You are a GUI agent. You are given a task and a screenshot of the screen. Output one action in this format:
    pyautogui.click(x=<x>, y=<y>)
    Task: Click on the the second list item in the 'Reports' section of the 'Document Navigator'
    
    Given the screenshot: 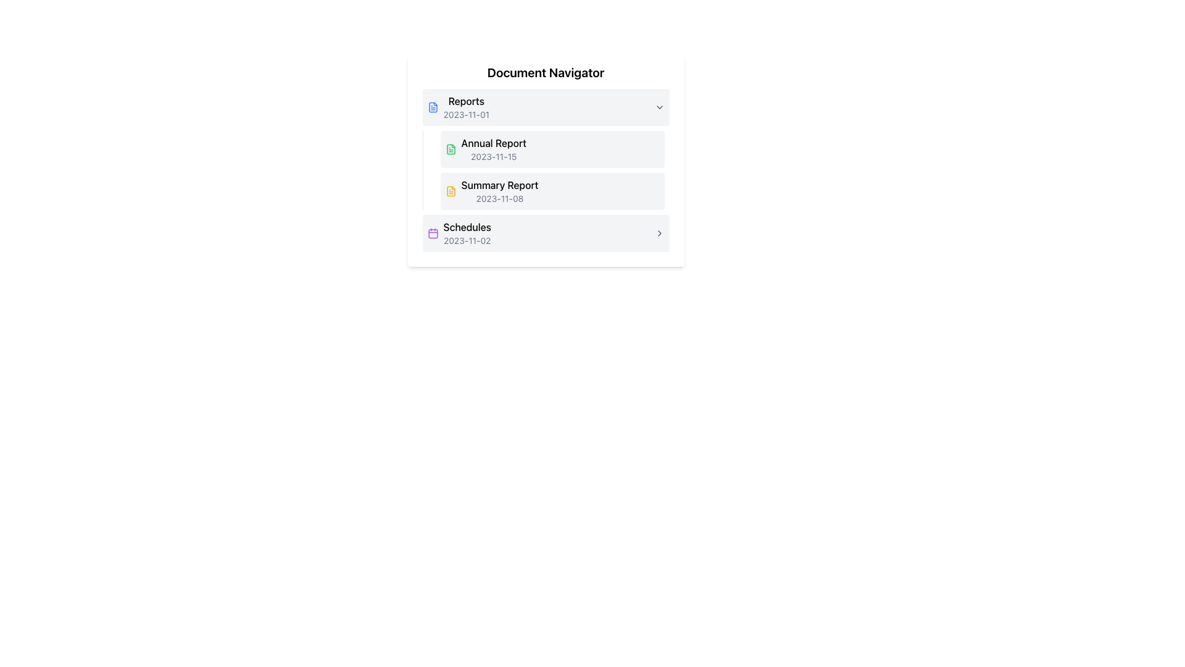 What is the action you would take?
    pyautogui.click(x=494, y=149)
    